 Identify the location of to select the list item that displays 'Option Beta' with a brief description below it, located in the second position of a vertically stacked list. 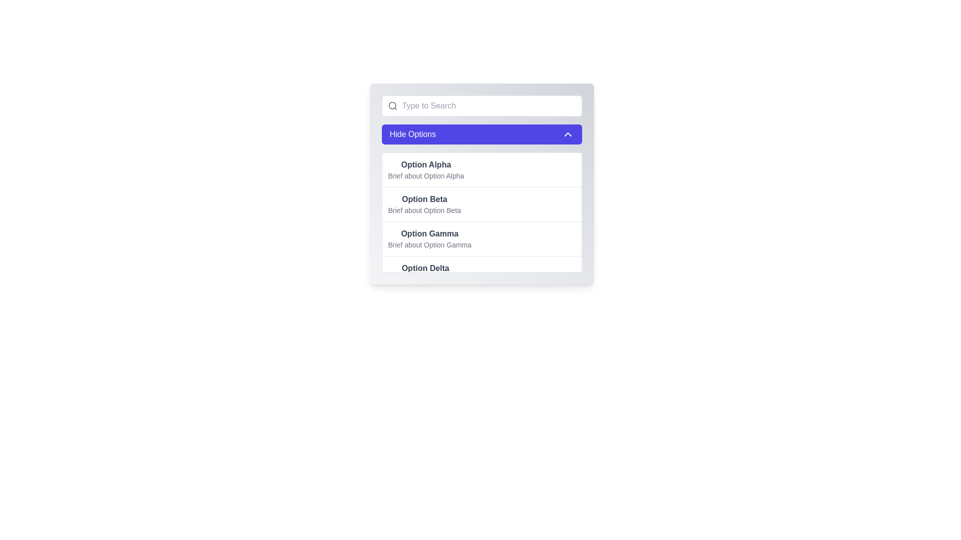
(482, 203).